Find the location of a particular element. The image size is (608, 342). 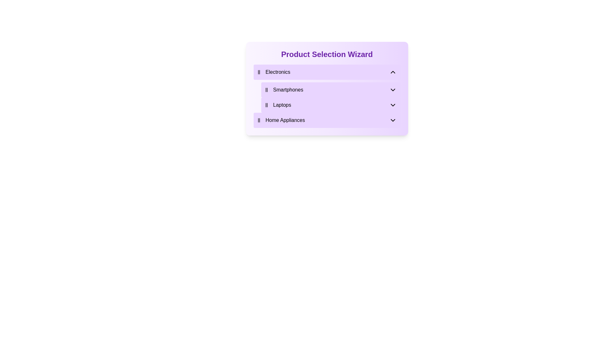

the upward-pointing chevron icon is located at coordinates (392, 72).